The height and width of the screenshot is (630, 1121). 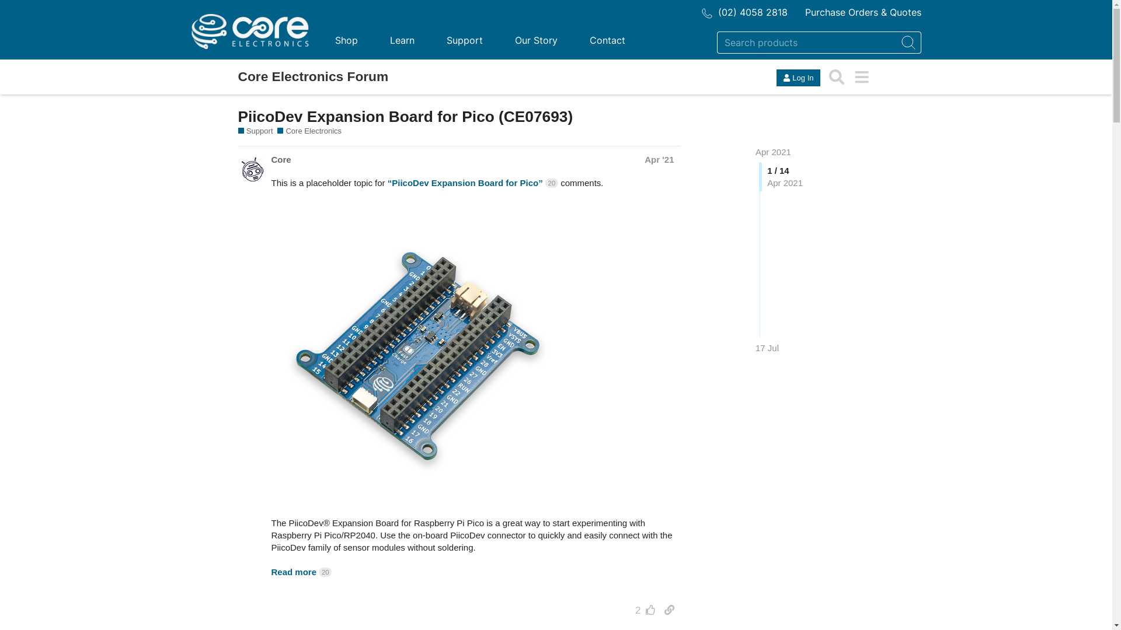 I want to click on 'Purchase Orders & Quotes', so click(x=862, y=12).